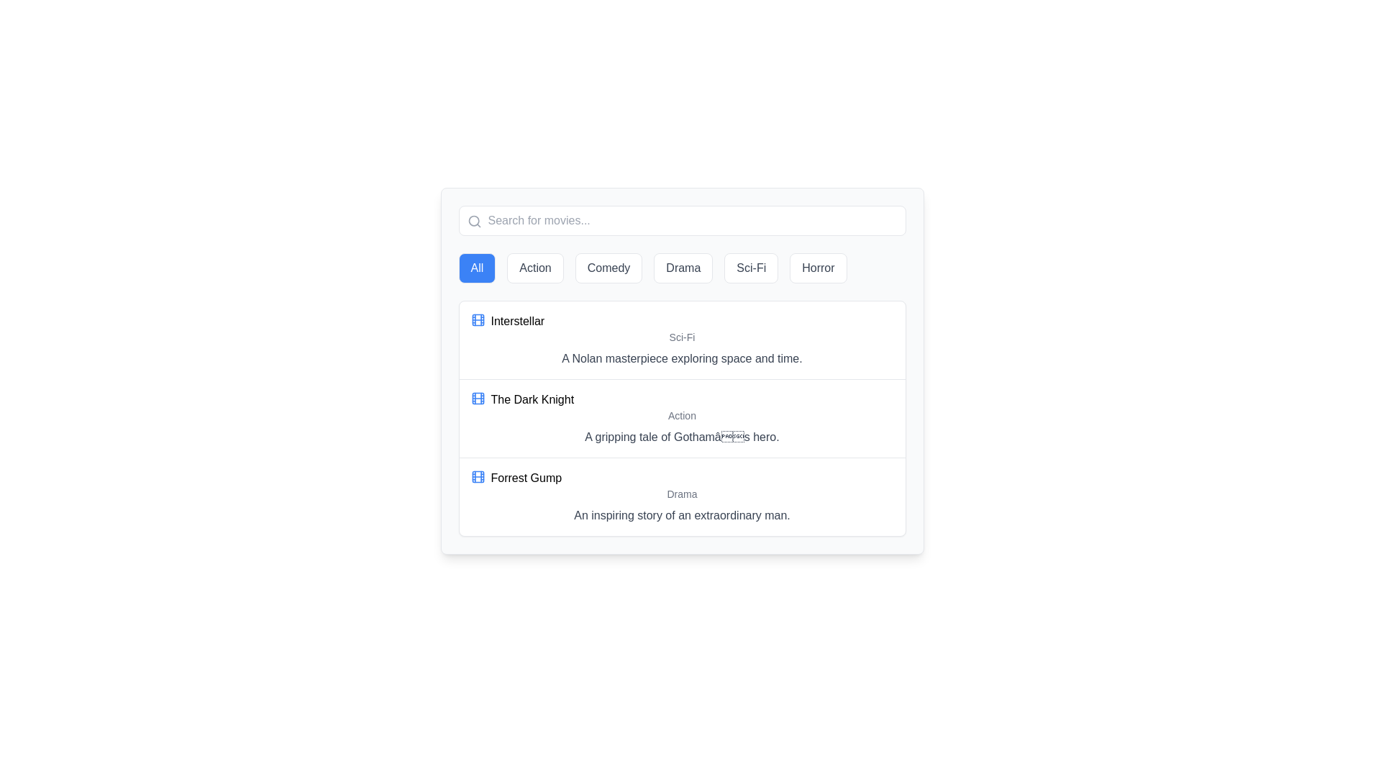 This screenshot has width=1381, height=777. What do you see at coordinates (681, 337) in the screenshot?
I see `the 'Sci-Fi' text label, which is a small light gray font displayed centrally under the 'Interstellar' movie title` at bounding box center [681, 337].